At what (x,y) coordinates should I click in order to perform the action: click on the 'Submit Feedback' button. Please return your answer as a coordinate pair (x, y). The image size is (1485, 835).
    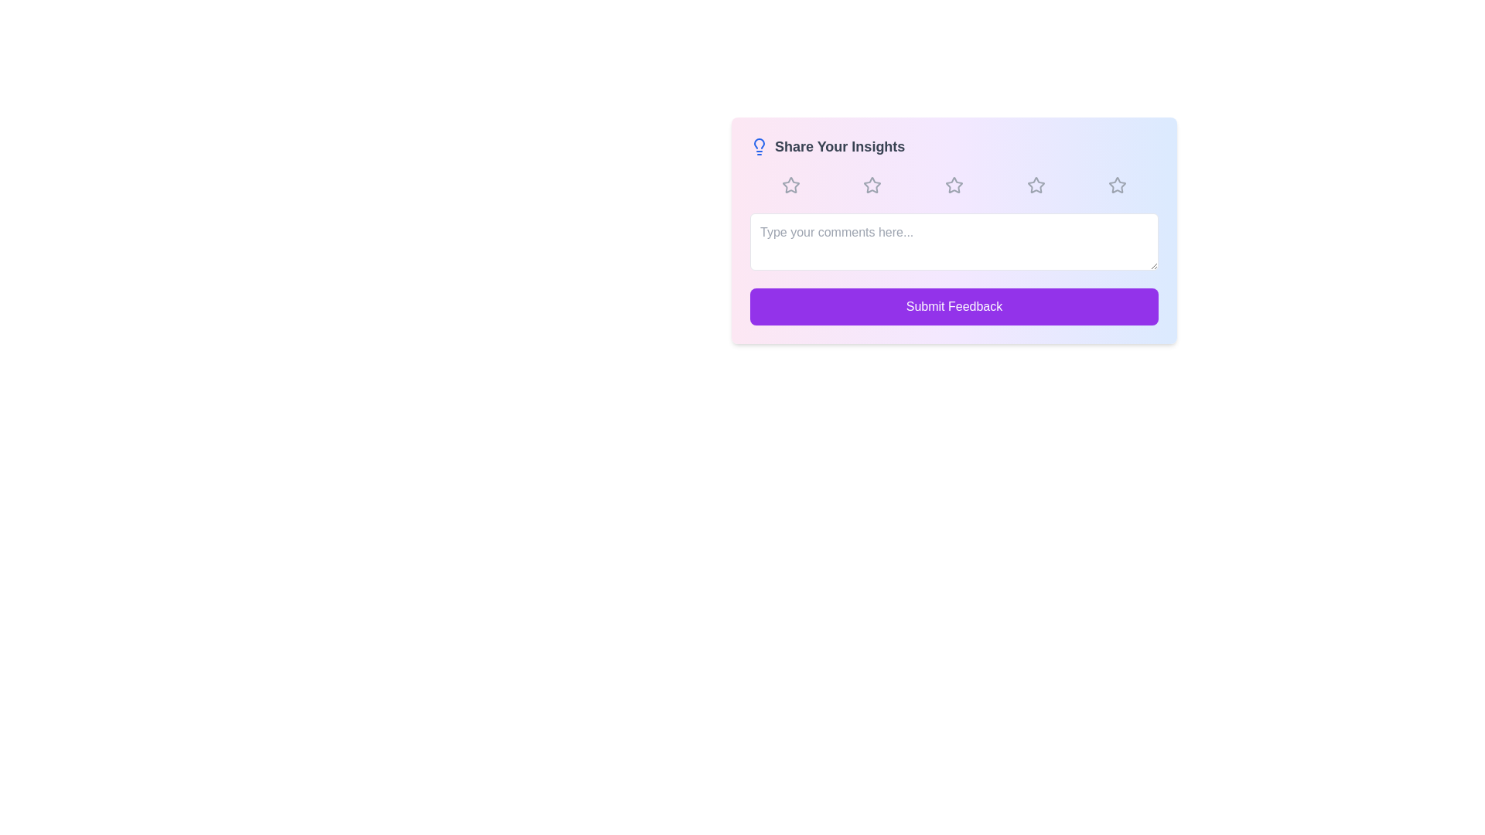
    Looking at the image, I should click on (953, 307).